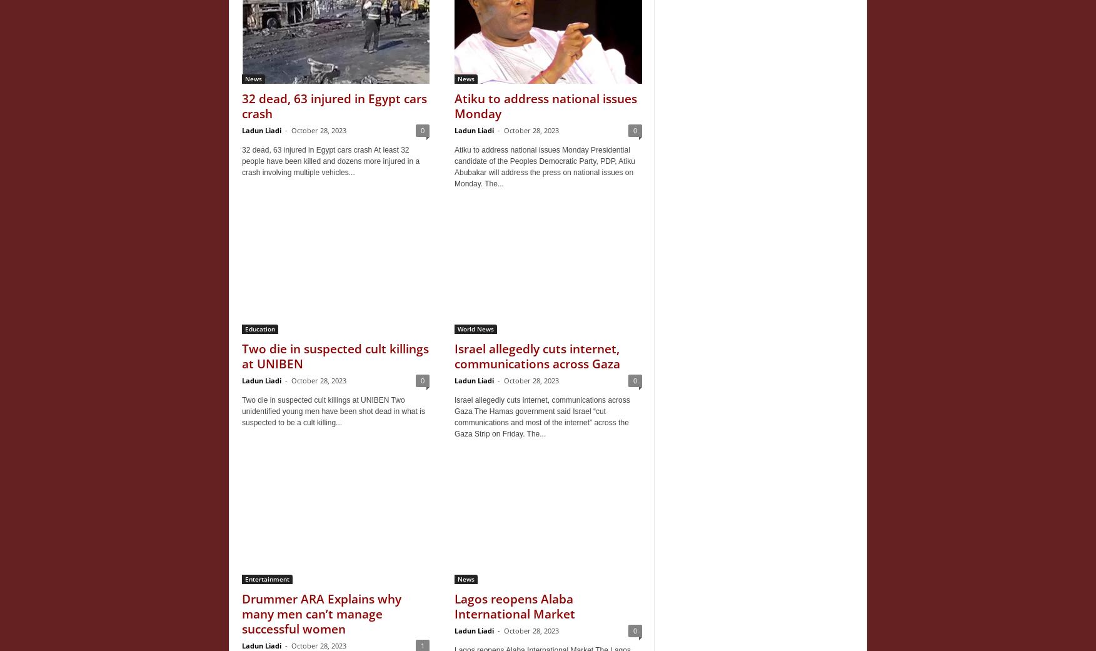 The image size is (1096, 651). I want to click on 'Two die in suspected cult killings at UNIBEN


Two unidentified young men have been shot dead in what is suspected to be a cult killing...', so click(242, 411).